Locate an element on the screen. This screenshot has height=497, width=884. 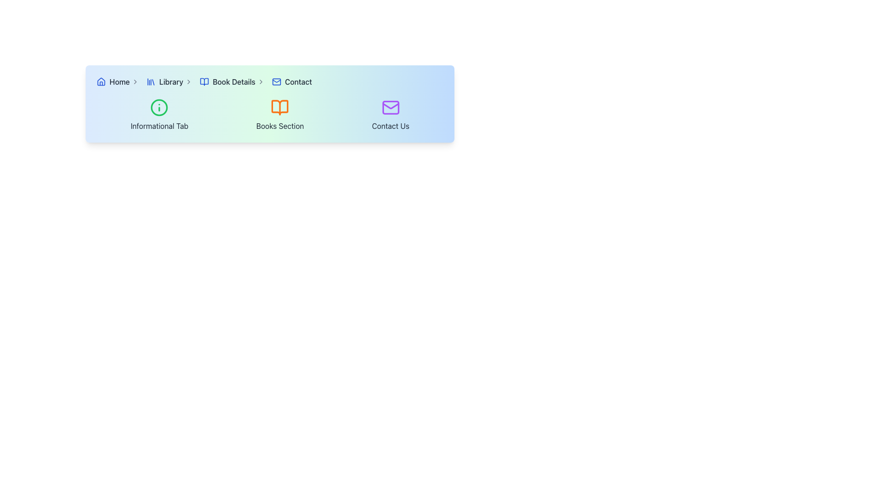
the 'Book Details' icon located near the center of the navigation bar, positioned to the left of the text 'Book Details' is located at coordinates (204, 81).